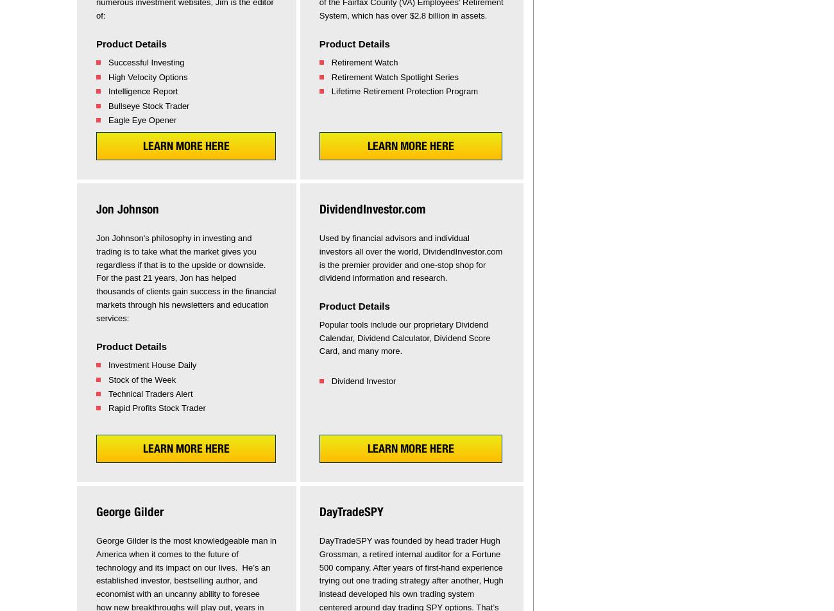 The height and width of the screenshot is (611, 834). I want to click on 'Used by financial advisors and individual investors all over the world, DividendInvestor.com is the premier provider and one-stop shop for dividend information and research.', so click(410, 257).